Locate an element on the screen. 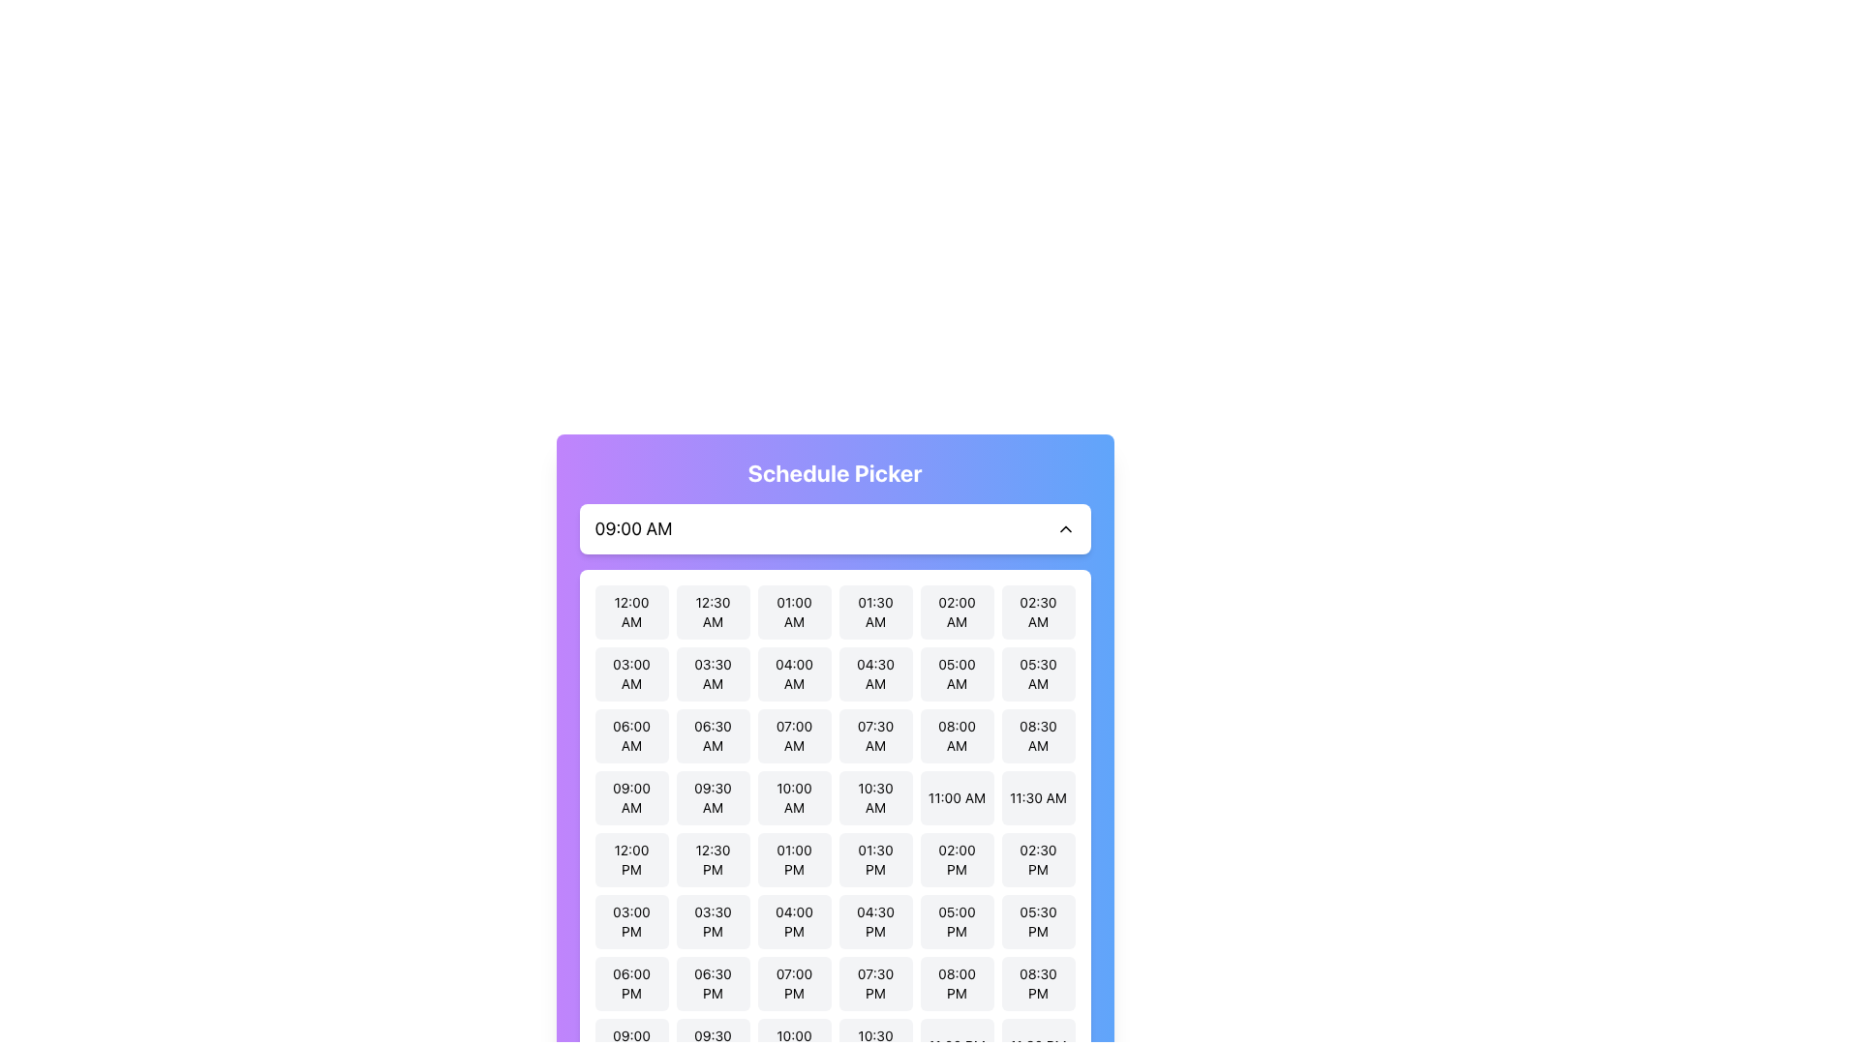  the button displaying '05:30 AM' in the 'Schedule Picker' panel is located at coordinates (1037, 673).